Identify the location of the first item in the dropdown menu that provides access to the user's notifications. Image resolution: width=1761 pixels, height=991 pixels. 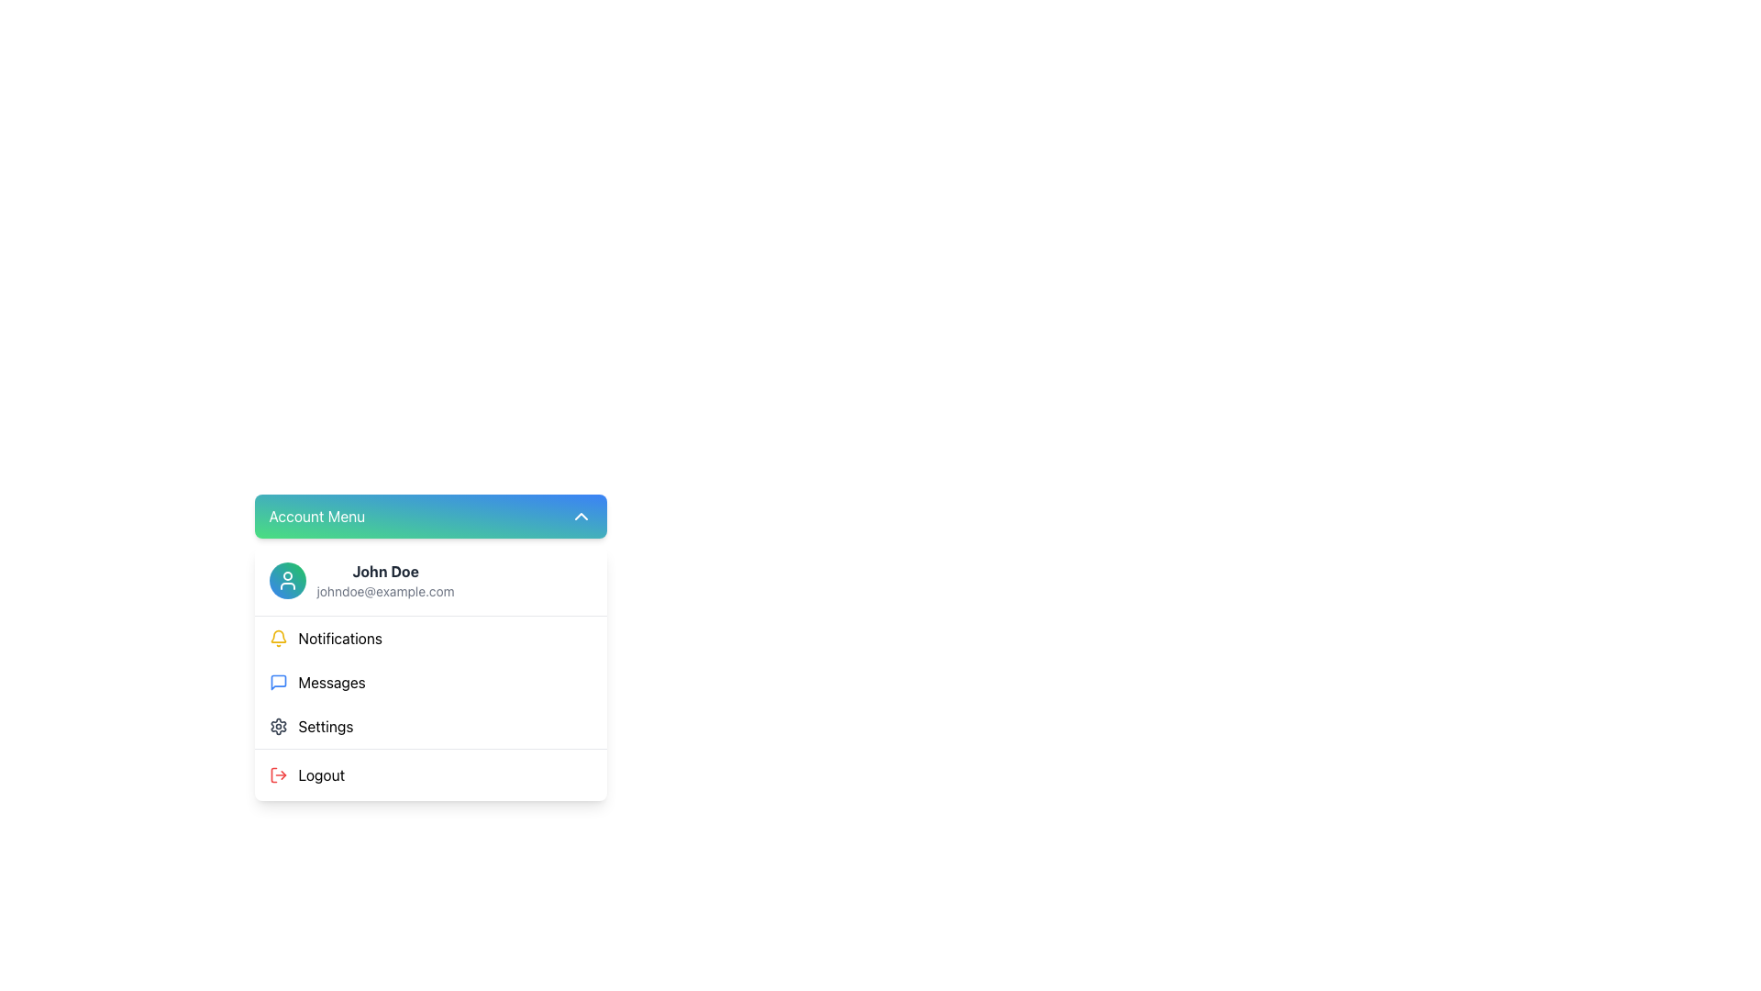
(429, 637).